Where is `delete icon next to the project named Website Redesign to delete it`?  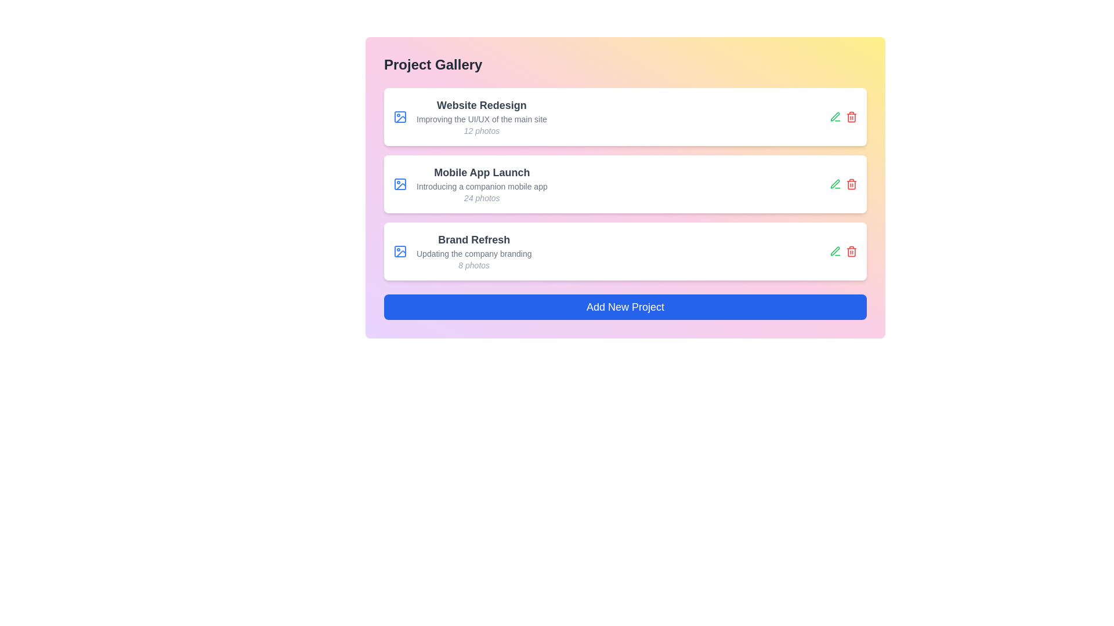
delete icon next to the project named Website Redesign to delete it is located at coordinates (852, 117).